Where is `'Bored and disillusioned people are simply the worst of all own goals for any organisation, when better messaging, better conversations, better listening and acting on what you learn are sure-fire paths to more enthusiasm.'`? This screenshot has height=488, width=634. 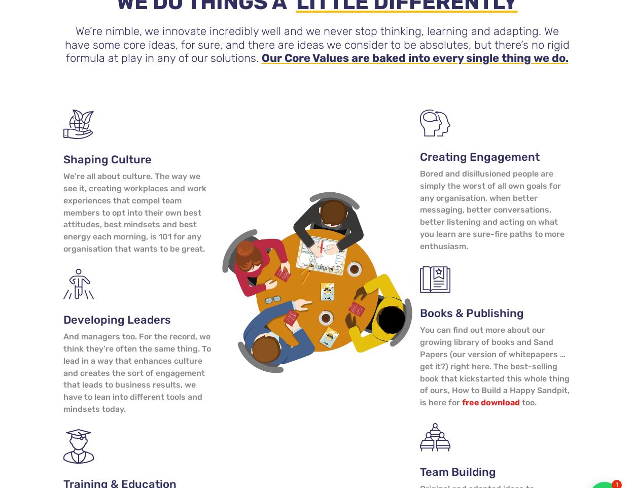
'Bored and disillusioned people are simply the worst of all own goals for any organisation, when better messaging, better conversations, better listening and acting on what you learn are sure-fire paths to more enthusiasm.' is located at coordinates (491, 209).